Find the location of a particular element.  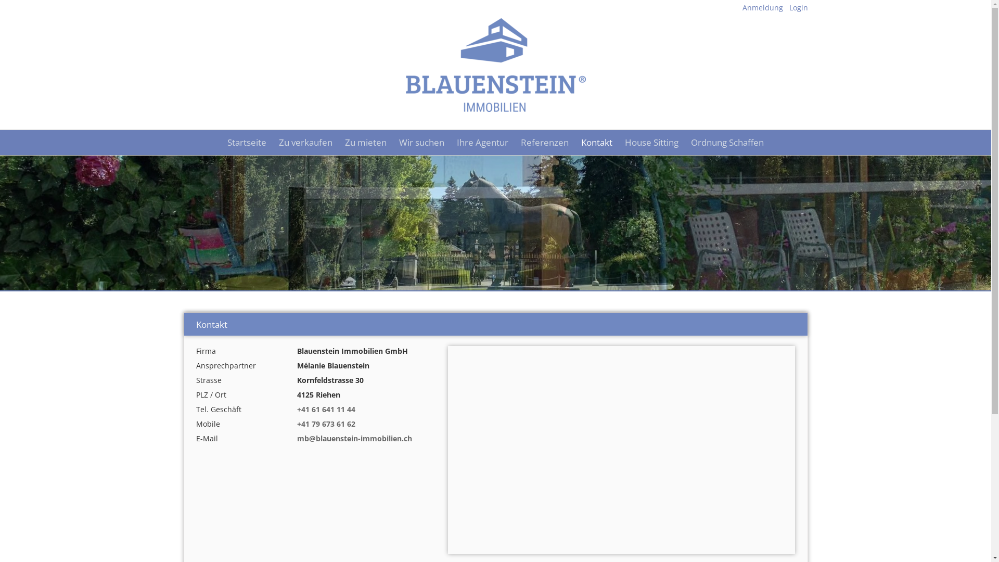

'Wir suchen' is located at coordinates (392, 142).